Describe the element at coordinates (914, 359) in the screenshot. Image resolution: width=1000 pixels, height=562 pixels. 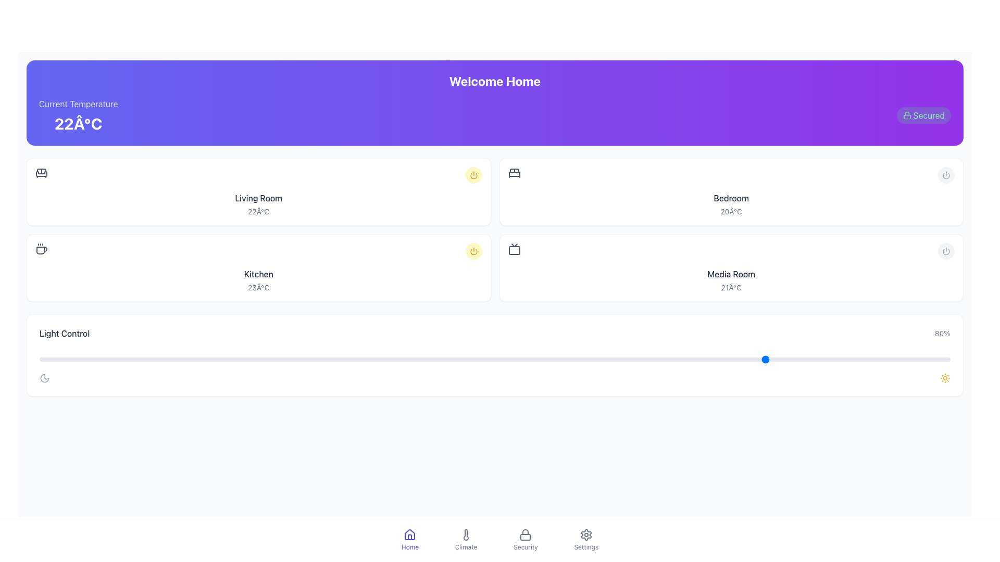
I see `the slider` at that location.